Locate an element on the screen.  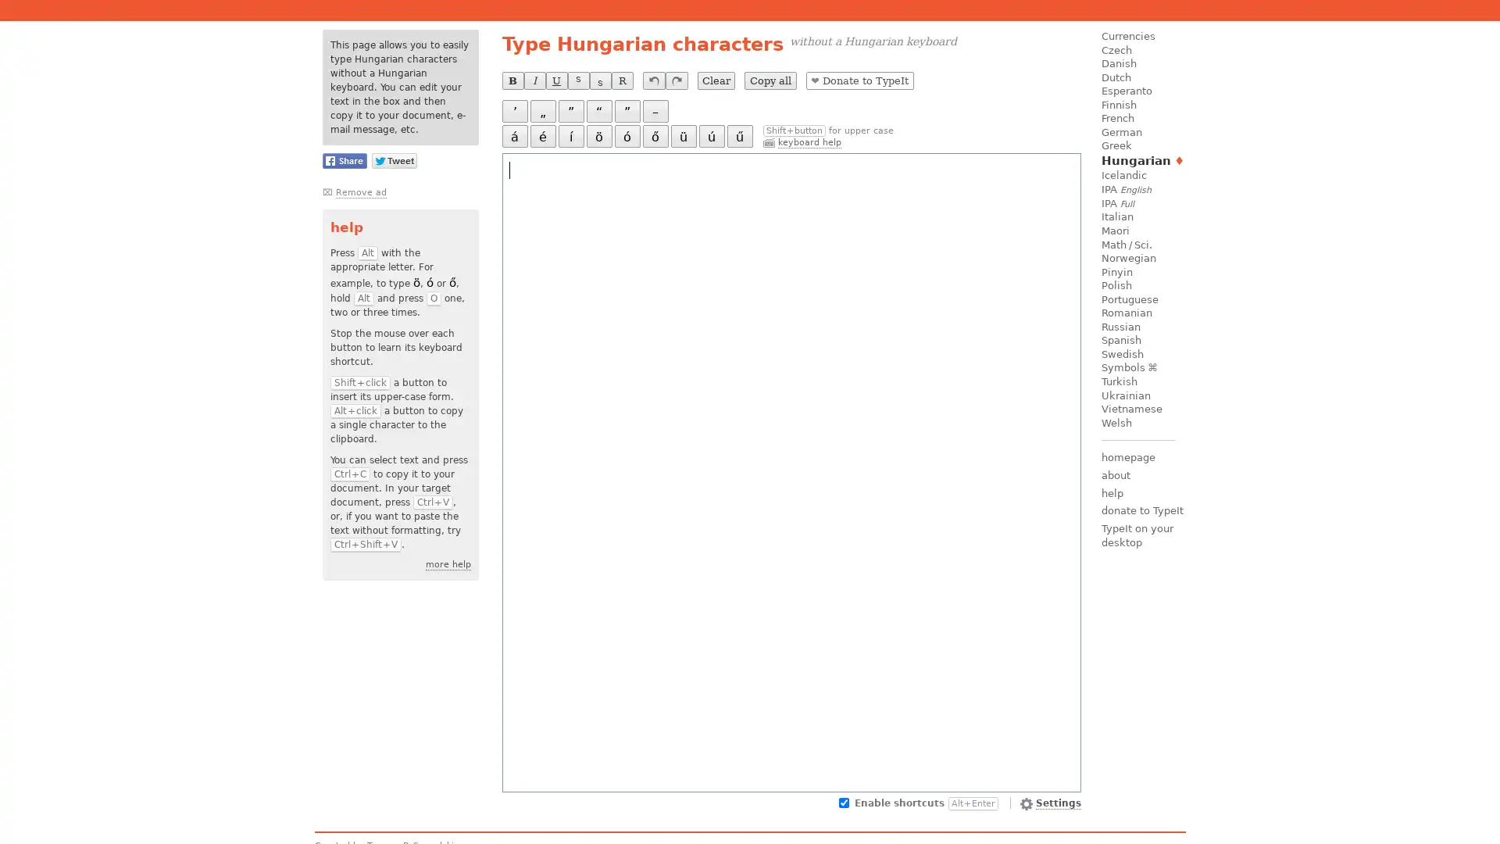
redo last undone operation (Ctrl+Y) is located at coordinates (676, 80).